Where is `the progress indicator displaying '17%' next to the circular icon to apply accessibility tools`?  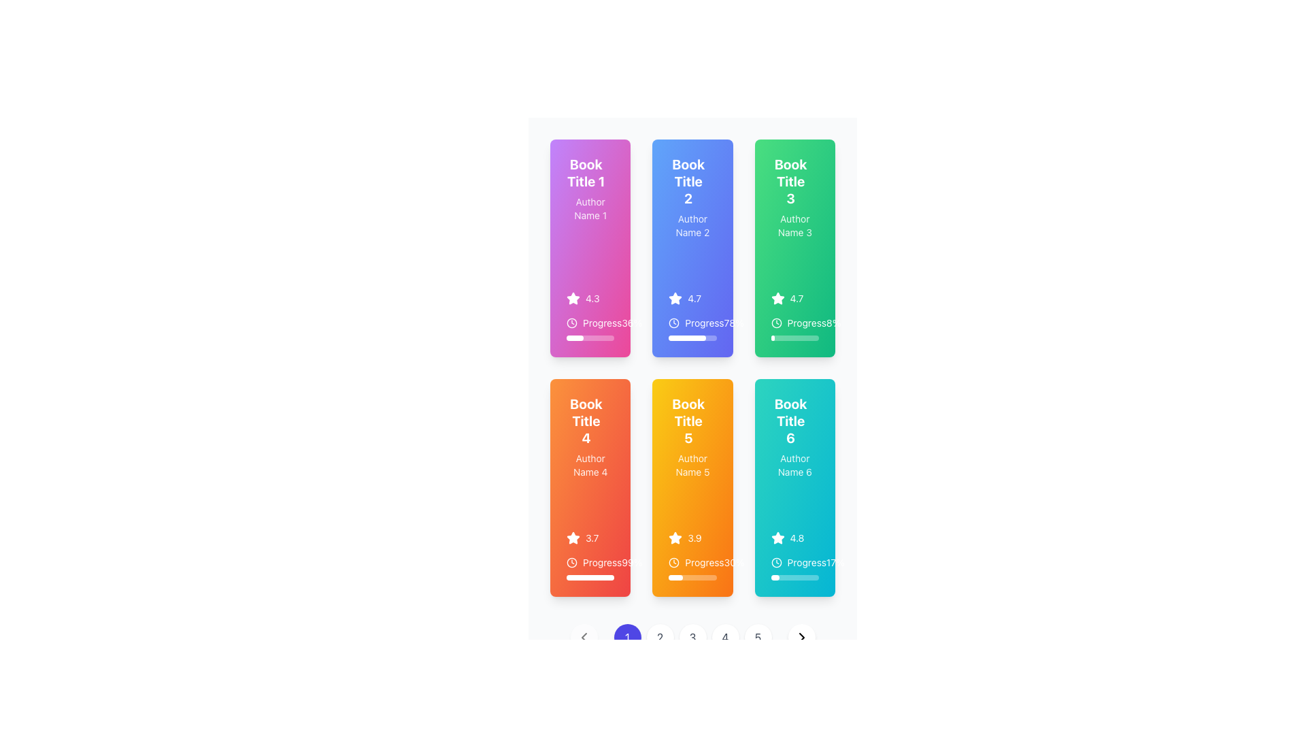 the progress indicator displaying '17%' next to the circular icon to apply accessibility tools is located at coordinates (794, 568).